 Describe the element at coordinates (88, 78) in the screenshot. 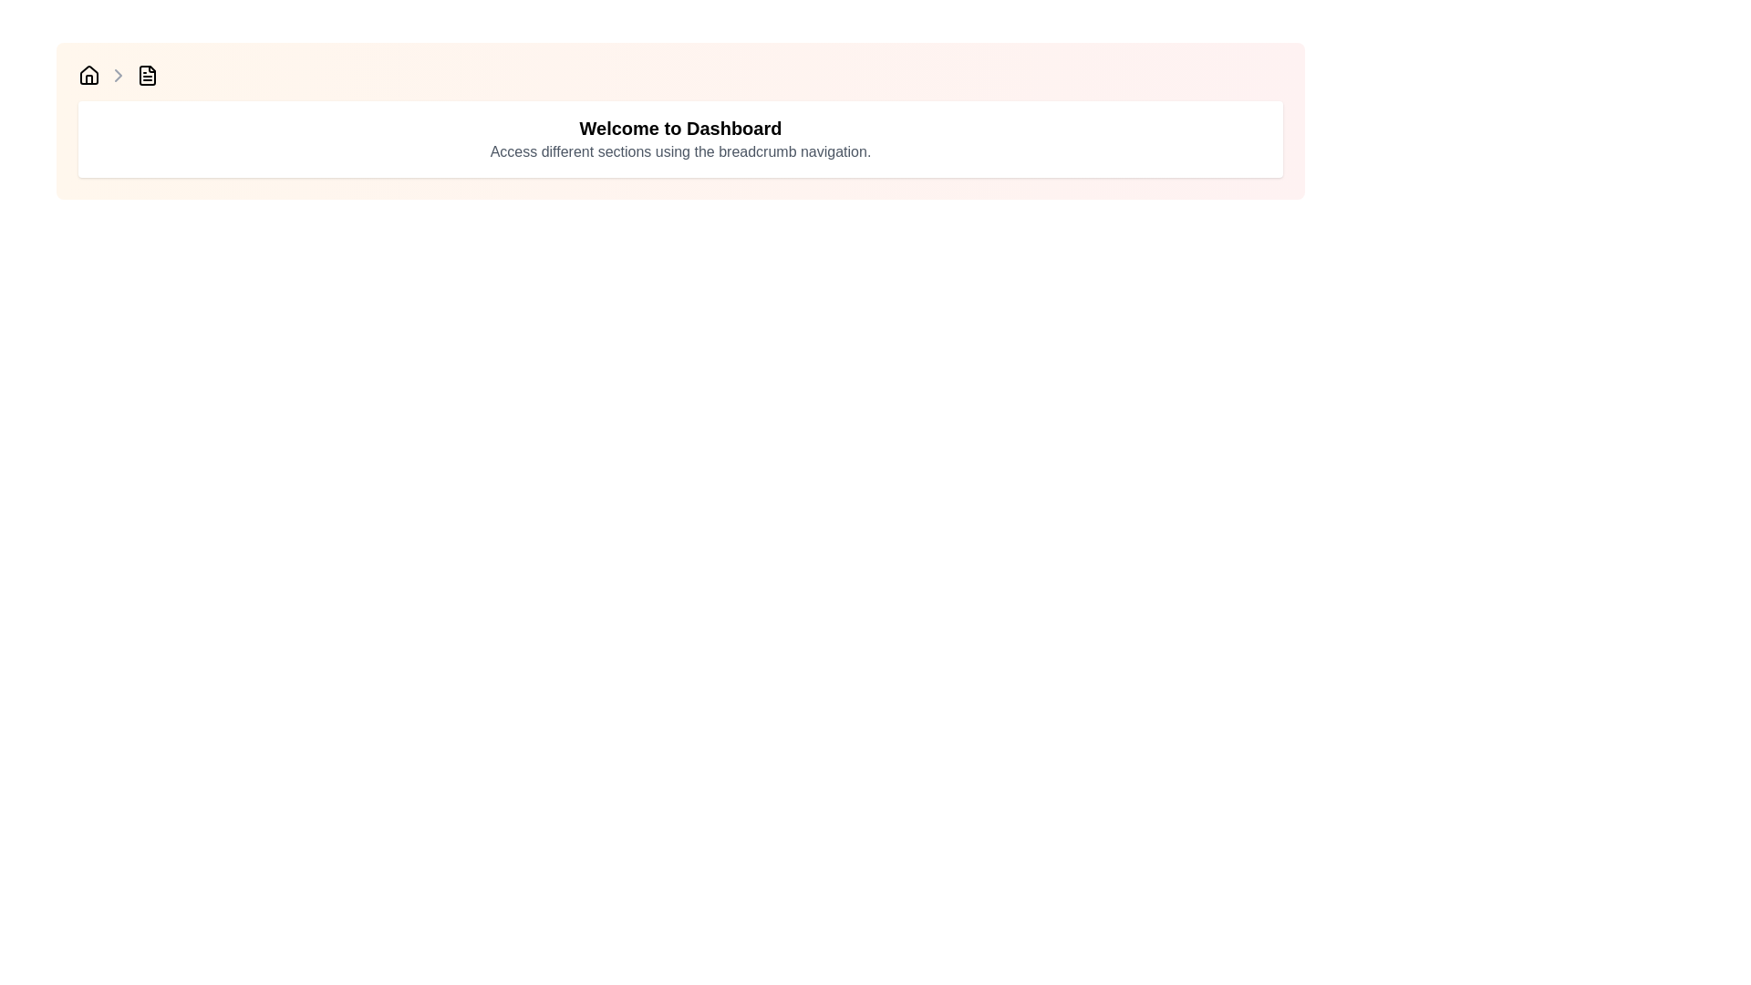

I see `the door element of the house icon located in the lower central portion of the SVG graphic in the left section of the header bar` at that location.